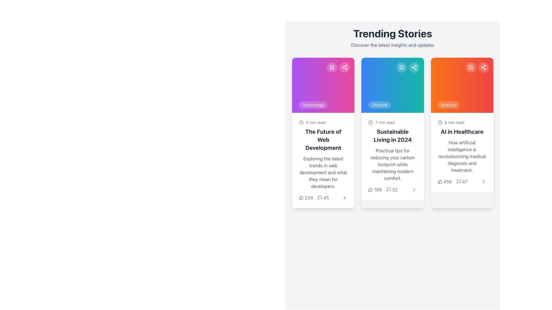  What do you see at coordinates (471, 67) in the screenshot?
I see `the small white bookmark icon located inside the circular button at the top-right corner of the third card labeled 'Science' in the 'Trending Stories' section to bookmark the item` at bounding box center [471, 67].